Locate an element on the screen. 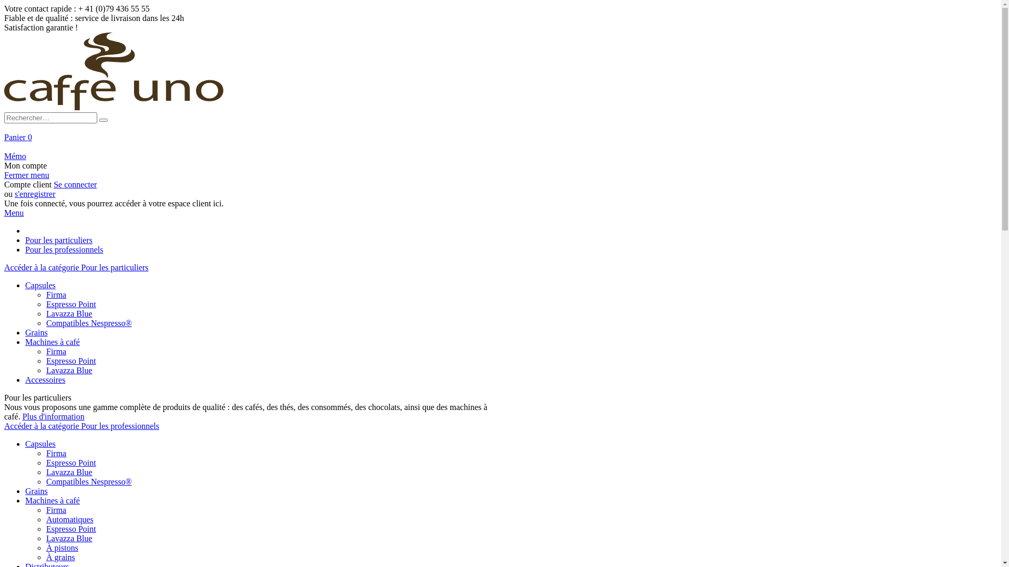  'Plus d'information' is located at coordinates (53, 415).